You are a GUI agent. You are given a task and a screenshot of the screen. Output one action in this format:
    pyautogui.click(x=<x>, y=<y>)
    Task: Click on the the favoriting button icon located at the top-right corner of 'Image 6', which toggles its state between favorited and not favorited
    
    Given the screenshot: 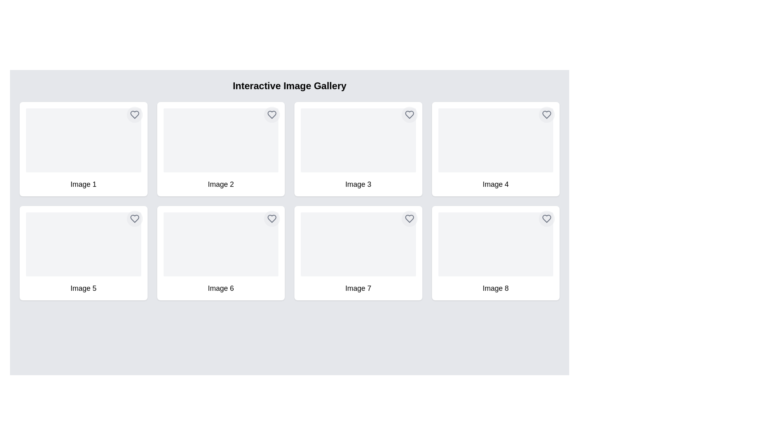 What is the action you would take?
    pyautogui.click(x=272, y=219)
    